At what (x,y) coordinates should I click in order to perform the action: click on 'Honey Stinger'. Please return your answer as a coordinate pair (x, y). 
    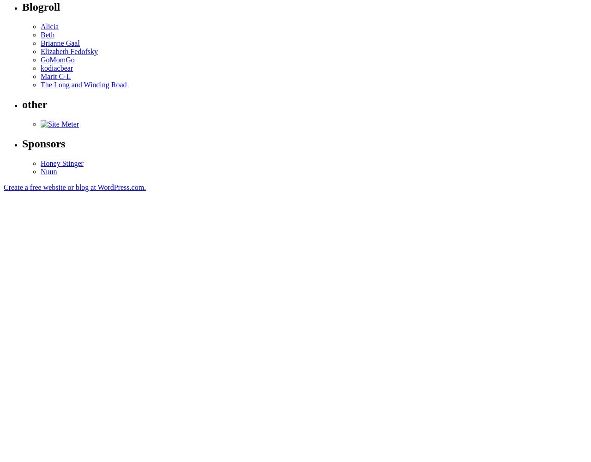
    Looking at the image, I should click on (40, 162).